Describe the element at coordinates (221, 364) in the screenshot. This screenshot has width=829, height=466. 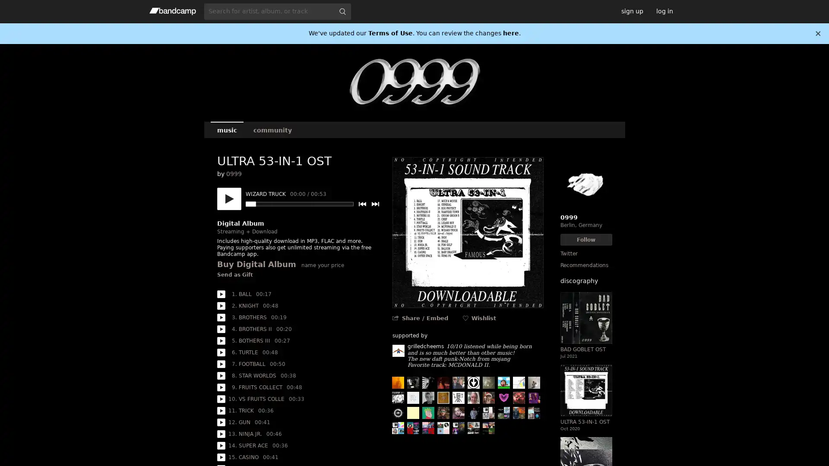
I see `Play FOOTBALL` at that location.